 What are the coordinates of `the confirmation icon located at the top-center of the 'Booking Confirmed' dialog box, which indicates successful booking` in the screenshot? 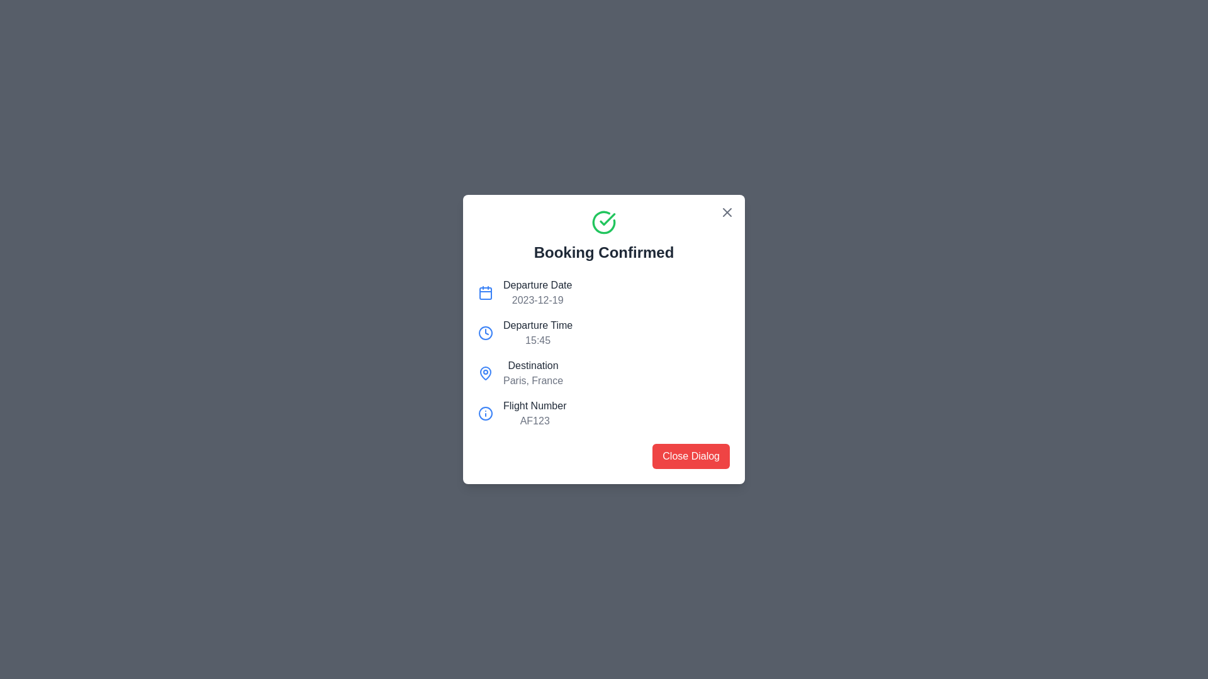 It's located at (604, 222).